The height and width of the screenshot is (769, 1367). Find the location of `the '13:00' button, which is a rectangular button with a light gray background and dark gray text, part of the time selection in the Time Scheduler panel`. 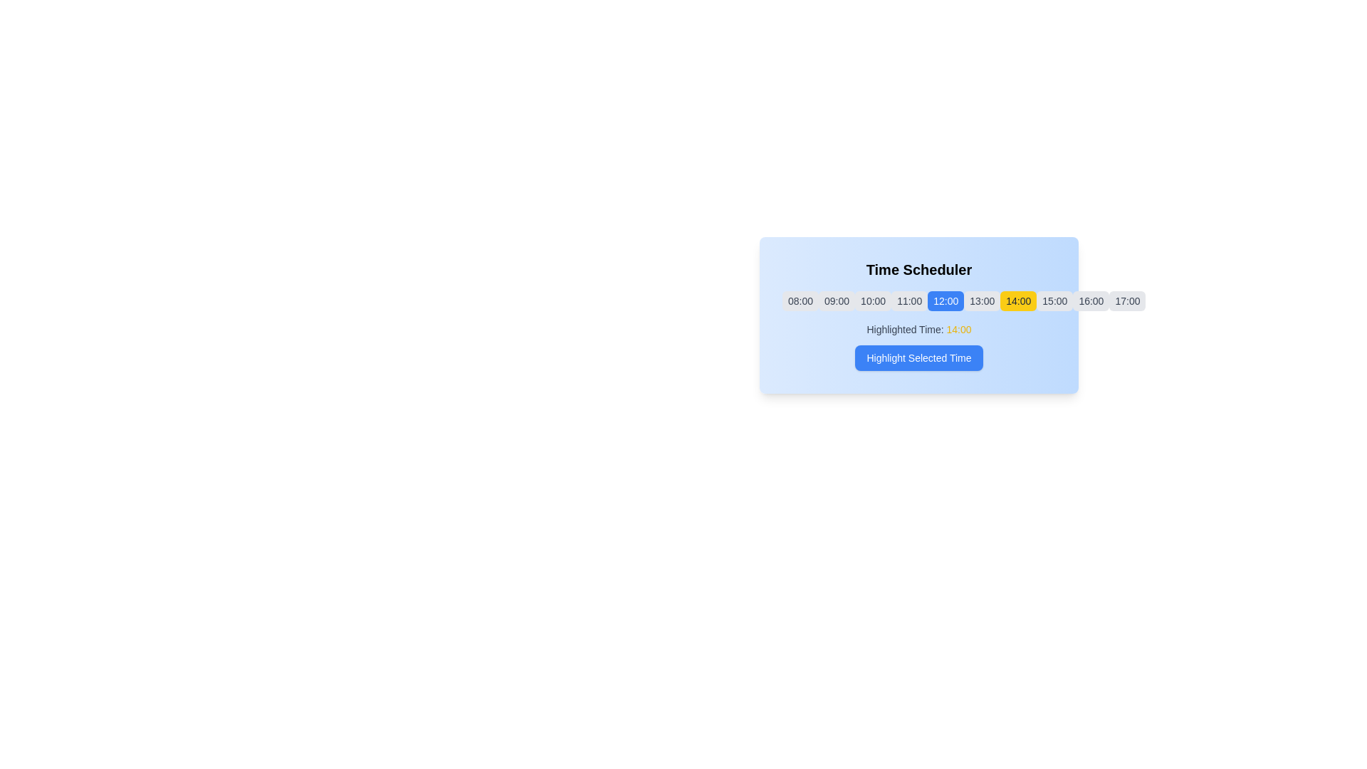

the '13:00' button, which is a rectangular button with a light gray background and dark gray text, part of the time selection in the Time Scheduler panel is located at coordinates (981, 300).